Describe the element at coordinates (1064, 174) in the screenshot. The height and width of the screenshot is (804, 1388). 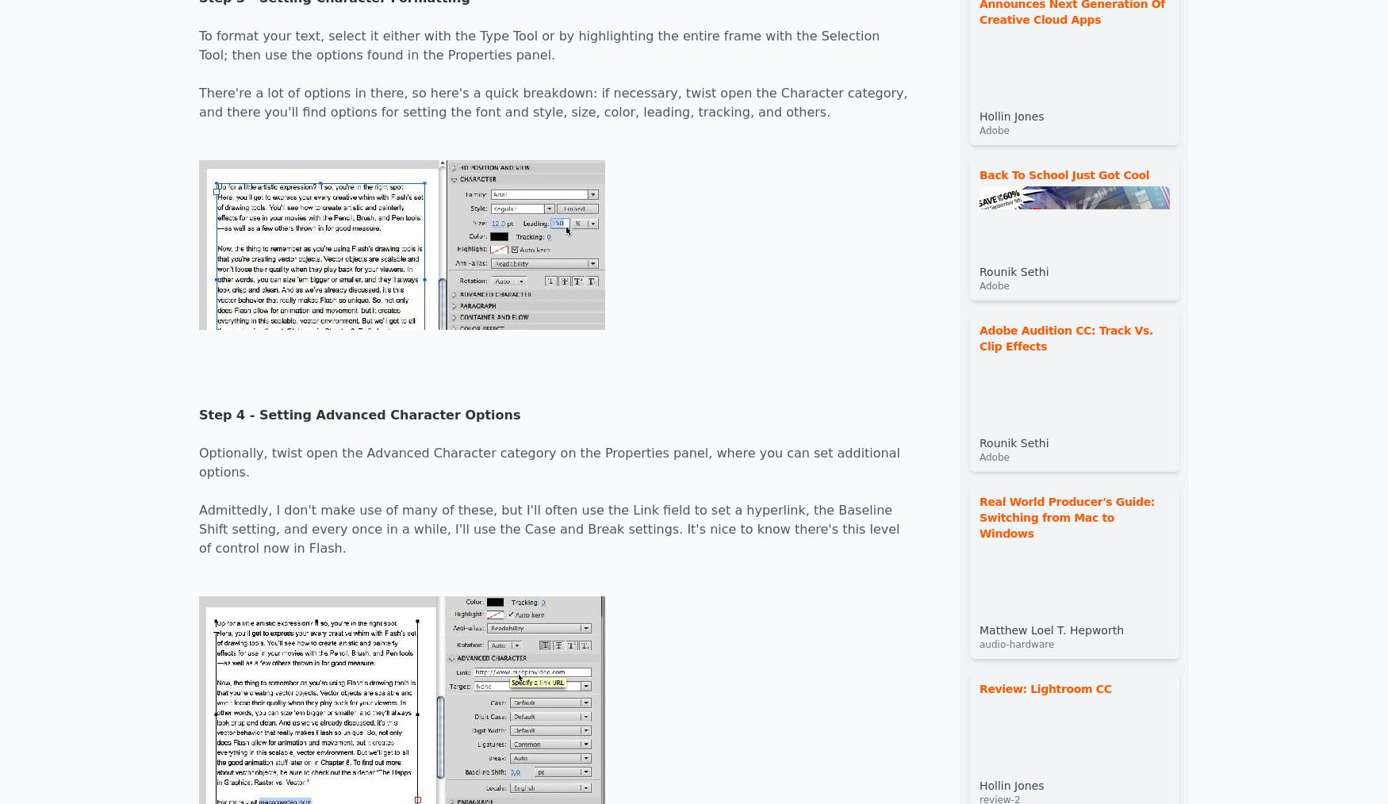
I see `'Back To School Just Got Cool'` at that location.